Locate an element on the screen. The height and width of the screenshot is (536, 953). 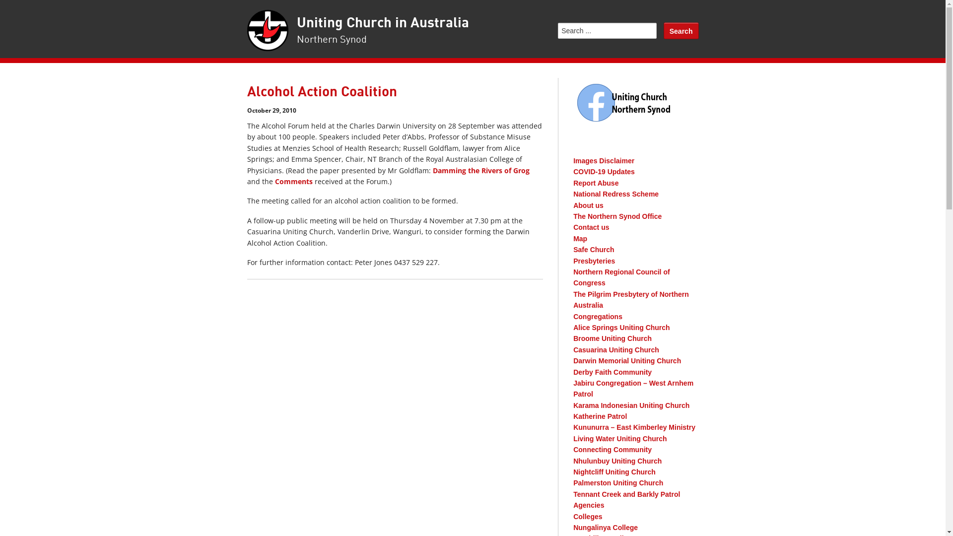
'Casuarina Uniting Church' is located at coordinates (573, 349).